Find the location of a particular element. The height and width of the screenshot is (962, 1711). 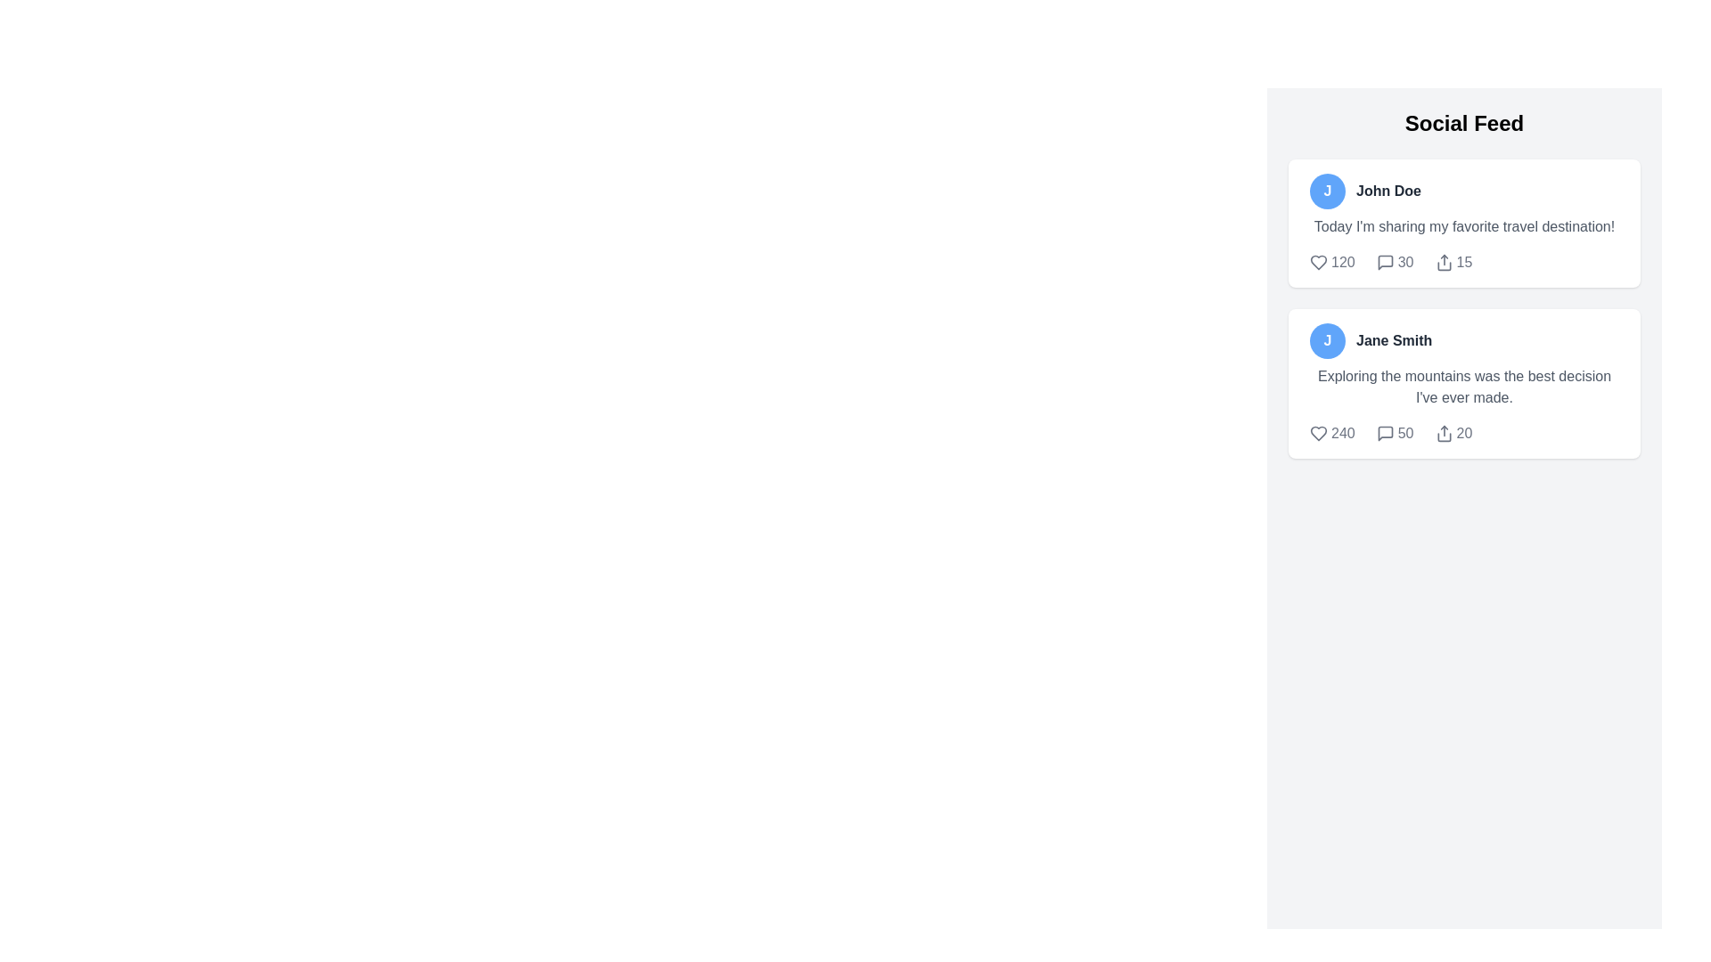

the share icon located below the comment icon and text '50' in the second post by 'Jane Smith' in the 'Social Feed' section is located at coordinates (1444, 433).